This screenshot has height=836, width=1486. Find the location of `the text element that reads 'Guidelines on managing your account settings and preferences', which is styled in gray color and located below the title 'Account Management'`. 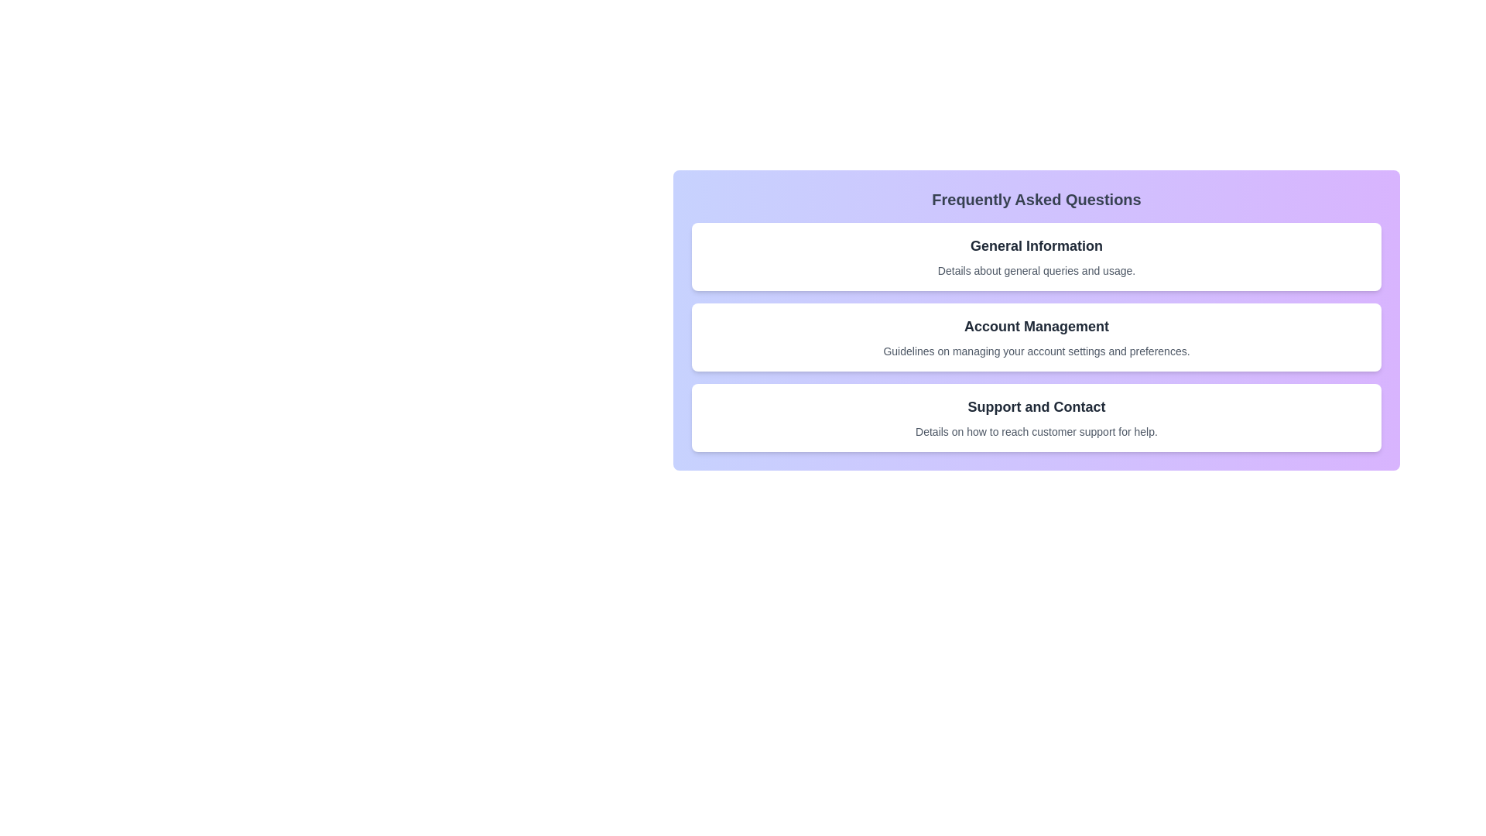

the text element that reads 'Guidelines on managing your account settings and preferences', which is styled in gray color and located below the title 'Account Management' is located at coordinates (1036, 351).